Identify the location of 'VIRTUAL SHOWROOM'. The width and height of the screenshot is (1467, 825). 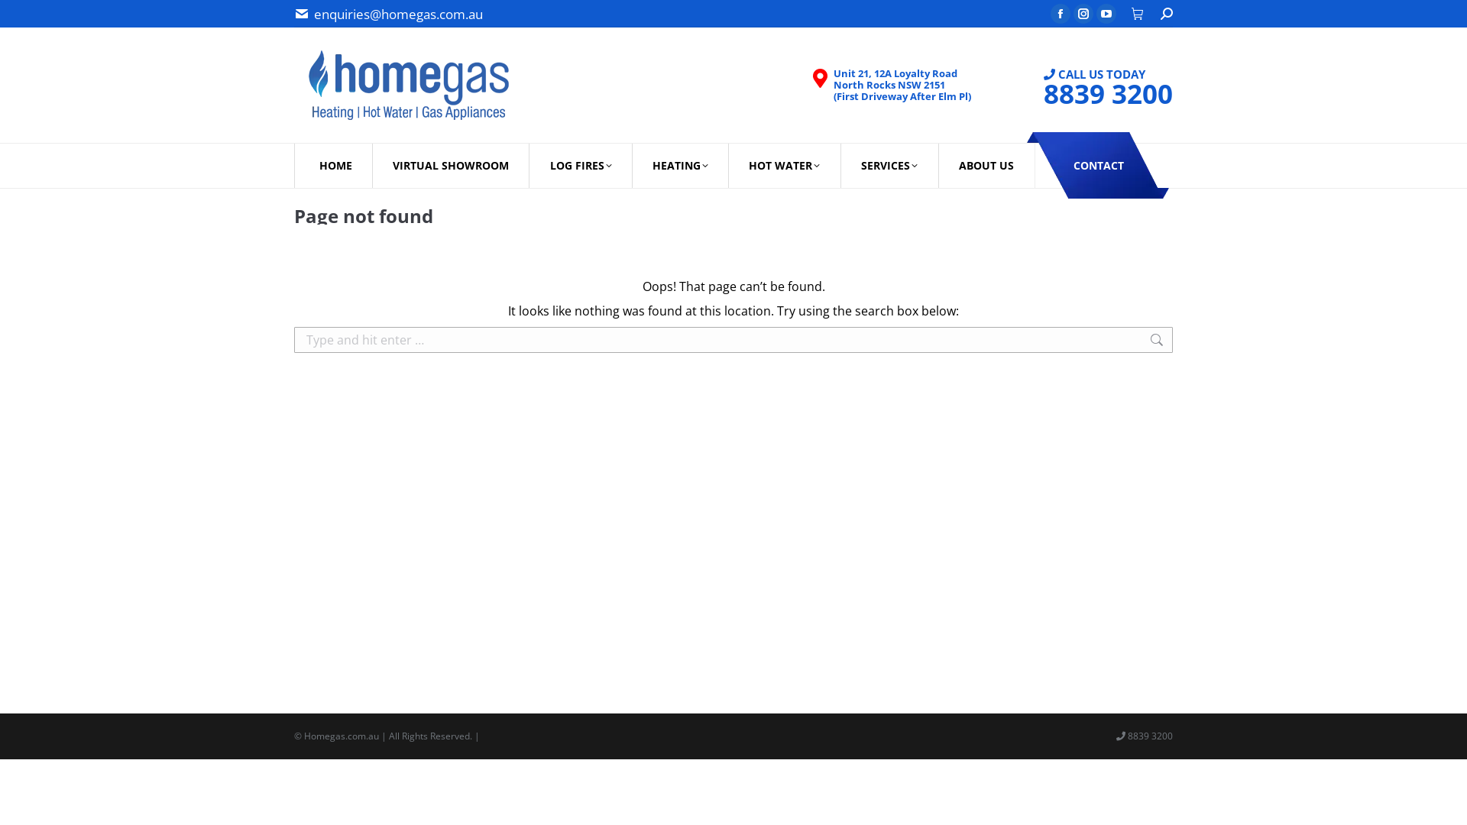
(449, 165).